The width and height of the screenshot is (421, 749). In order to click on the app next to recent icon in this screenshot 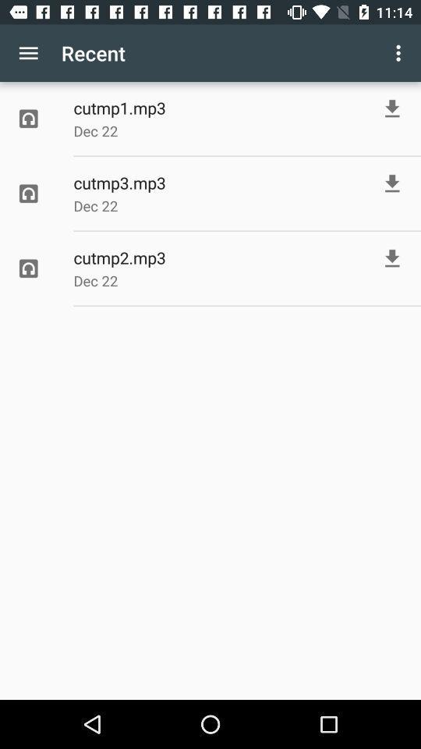, I will do `click(28, 53)`.